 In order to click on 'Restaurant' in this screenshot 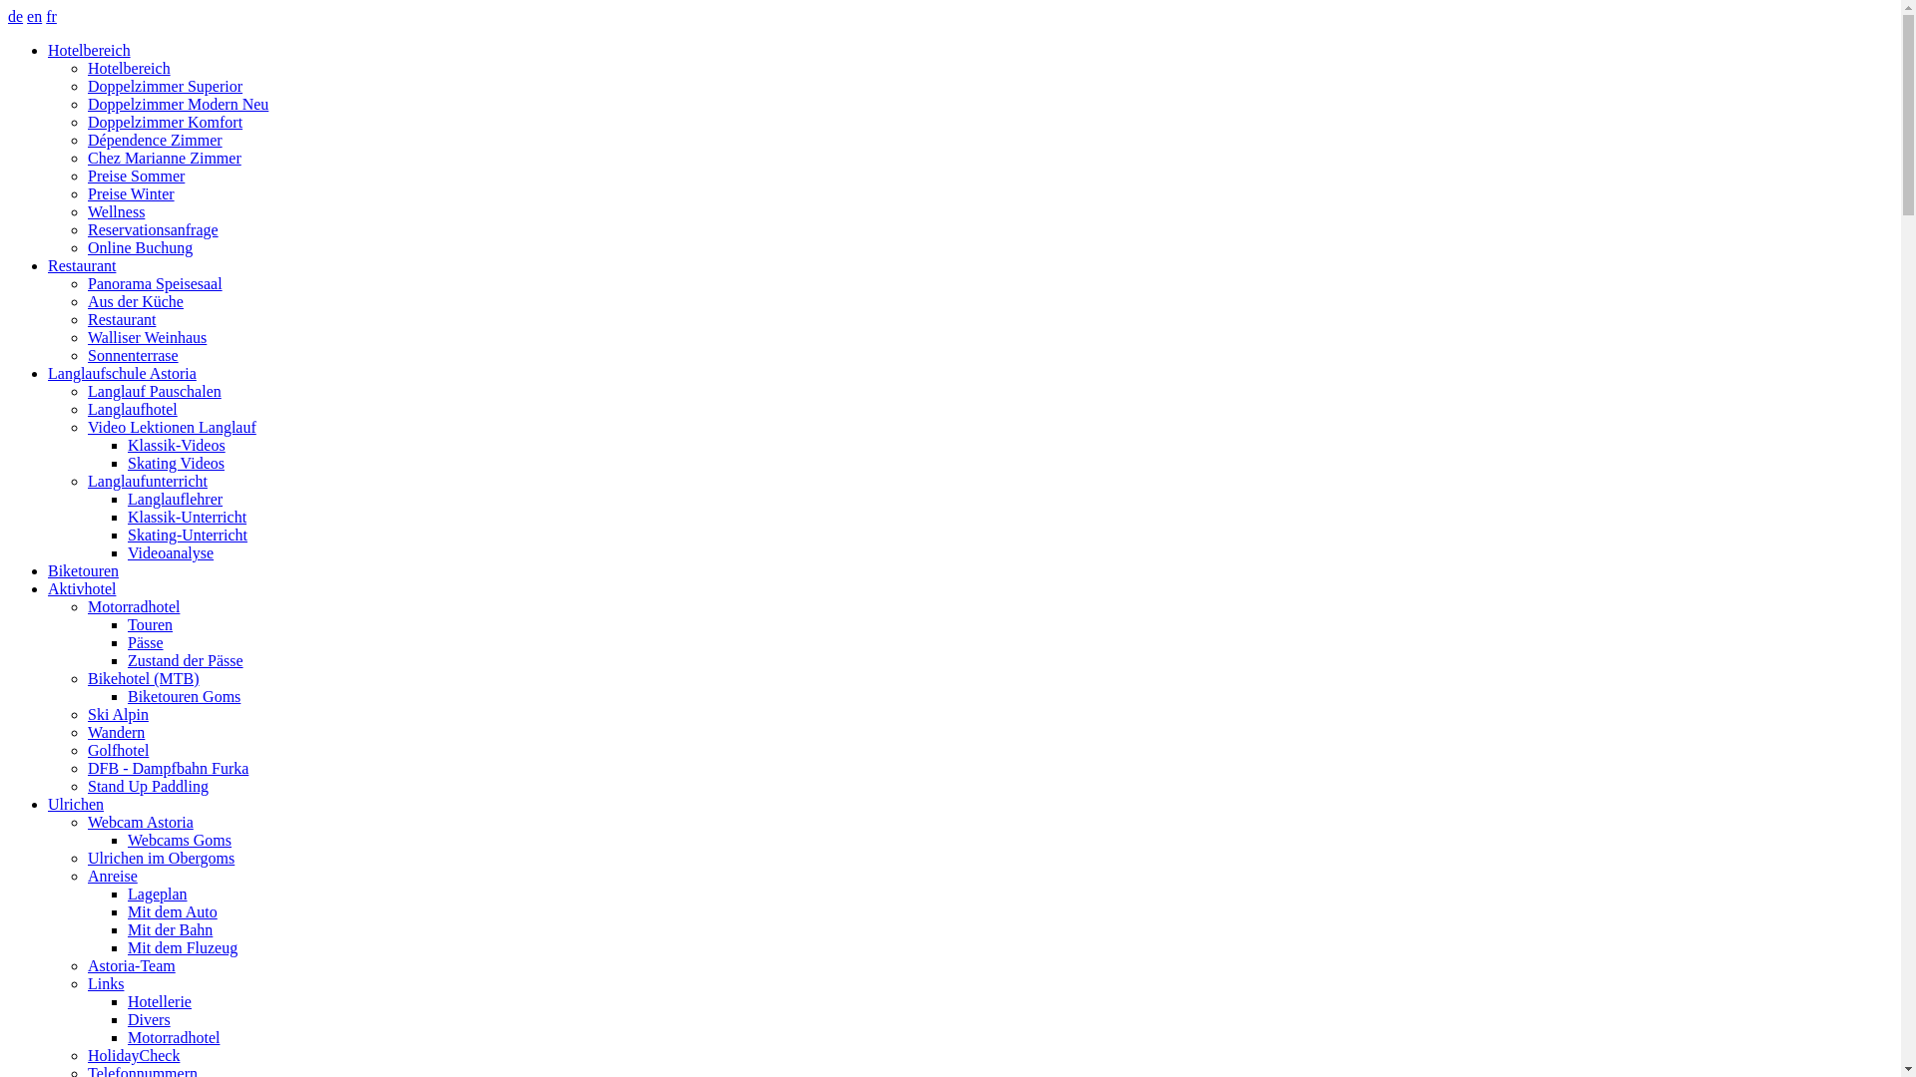, I will do `click(86, 318)`.